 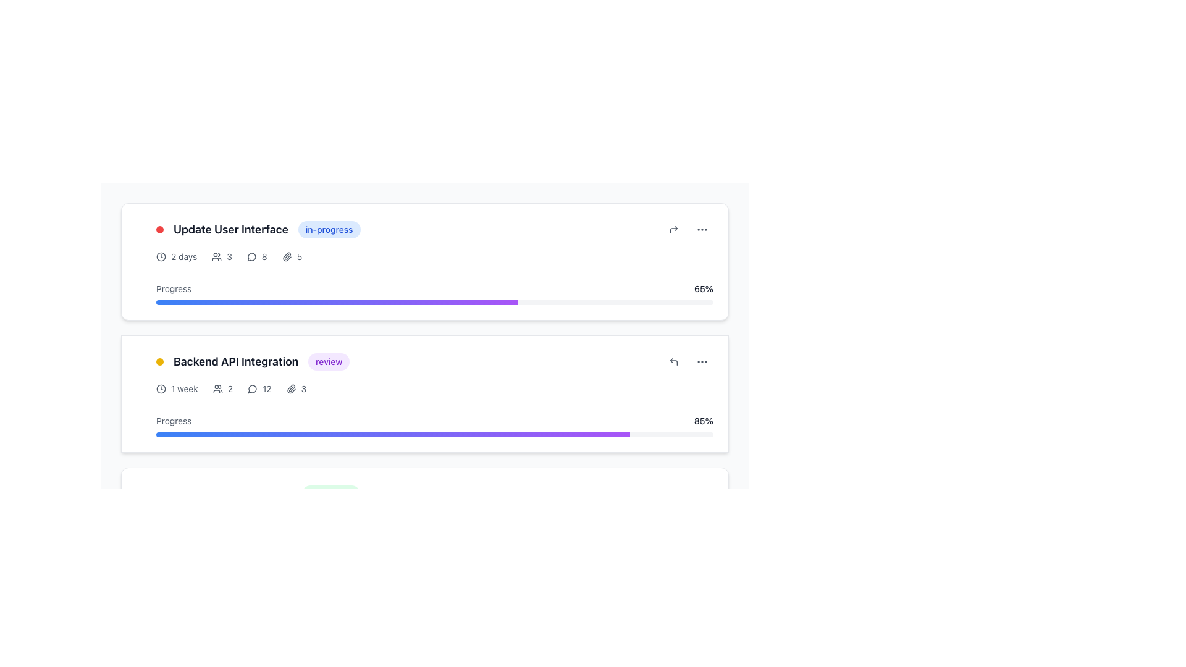 I want to click on the gradient-colored progress bar located beneath the 'Backend API Integration' section, so click(x=337, y=302).